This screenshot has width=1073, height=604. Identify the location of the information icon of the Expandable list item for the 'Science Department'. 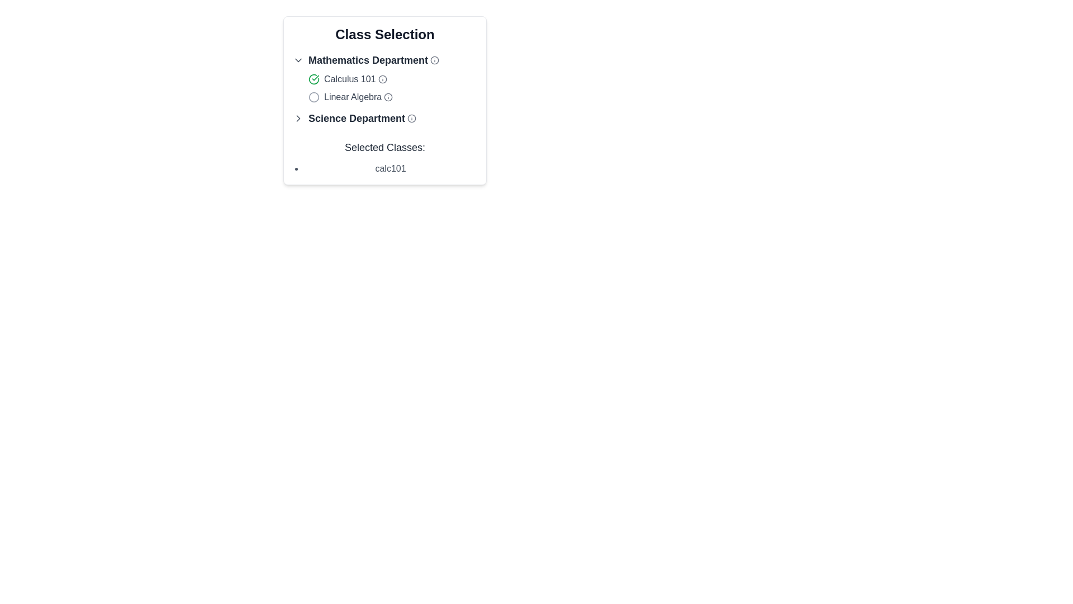
(385, 119).